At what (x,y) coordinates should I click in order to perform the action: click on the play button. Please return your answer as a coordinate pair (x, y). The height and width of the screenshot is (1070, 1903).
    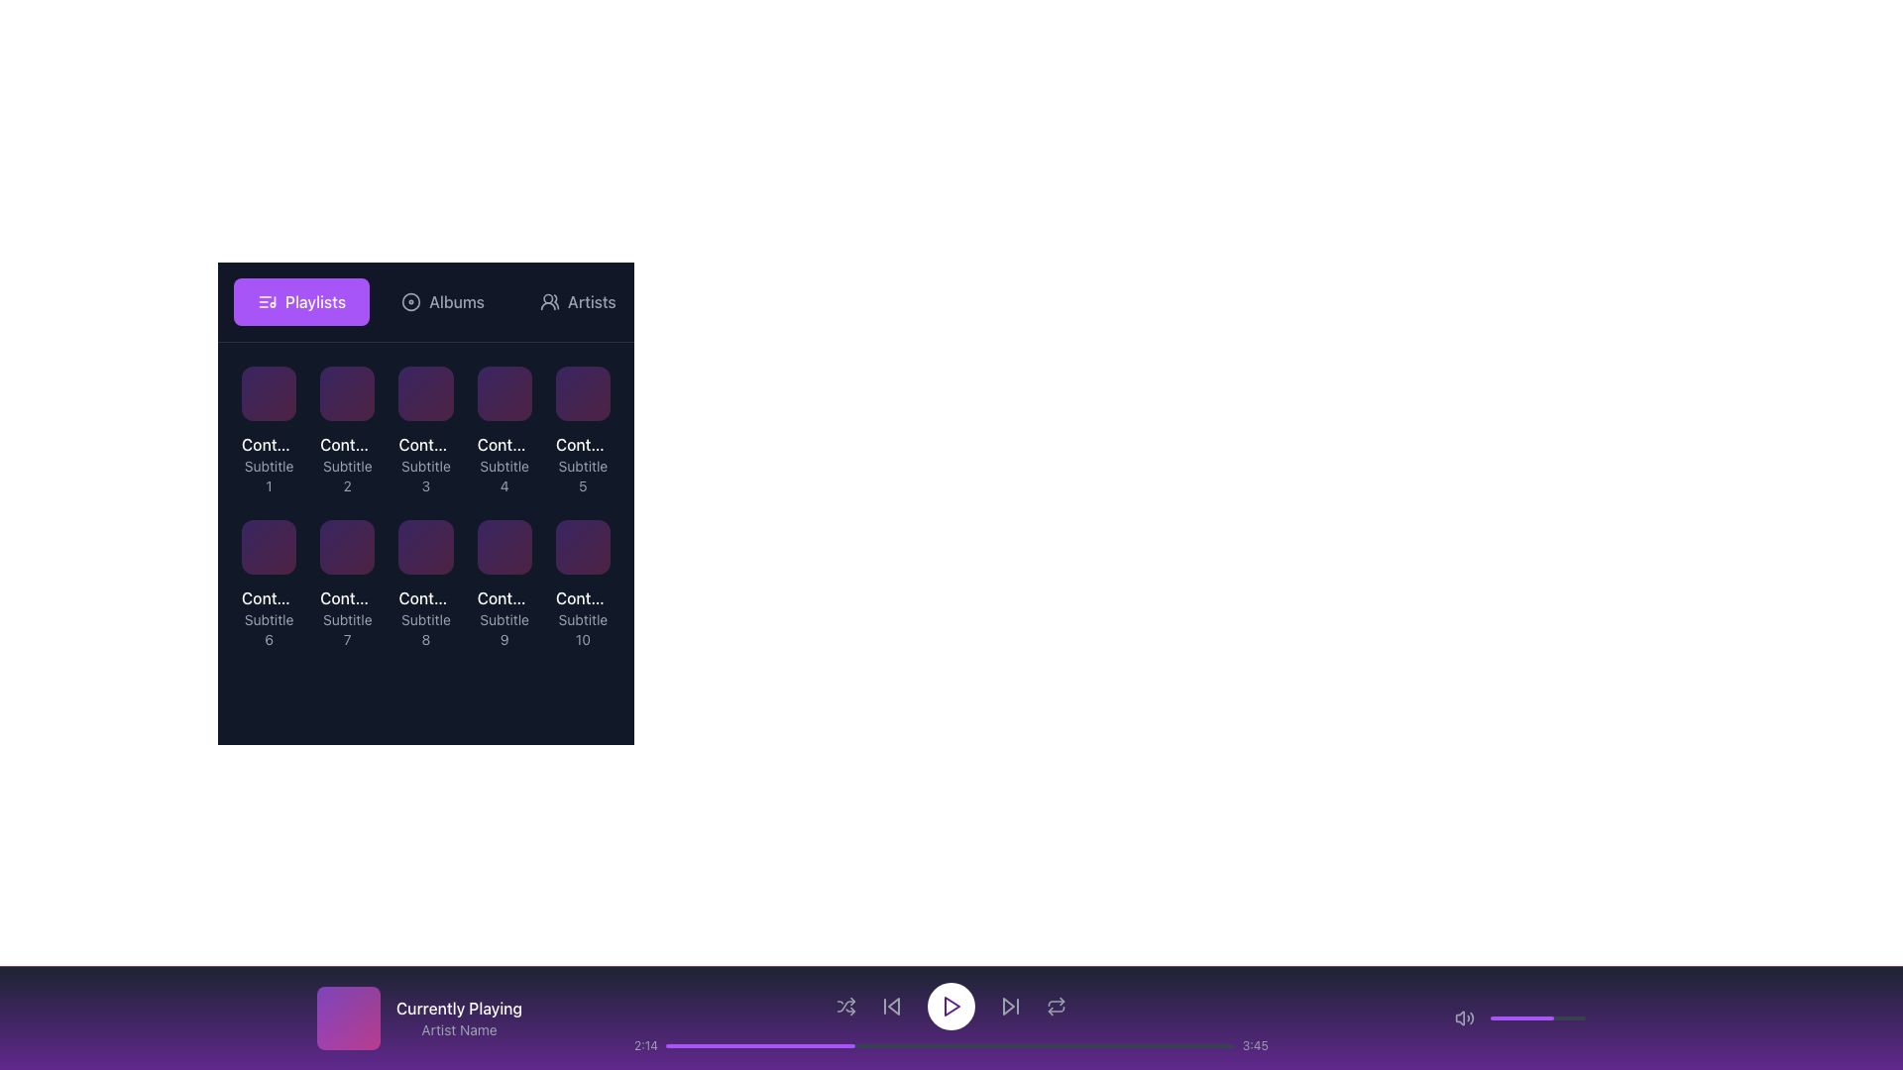
    Looking at the image, I should click on (347, 584).